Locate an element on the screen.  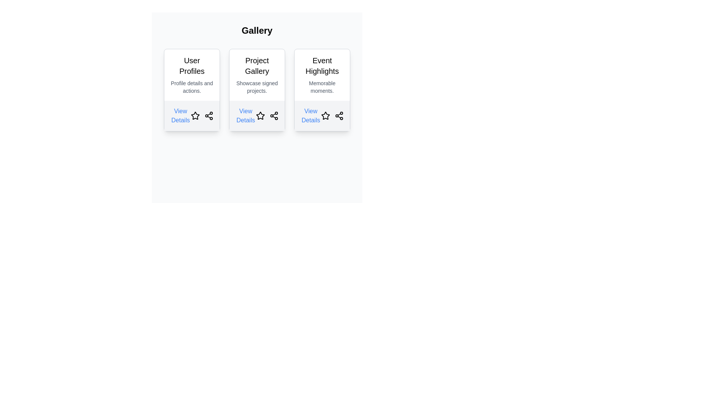
the first star-shaped button icon located immediately to the right of the 'View Details' link is located at coordinates (195, 116).